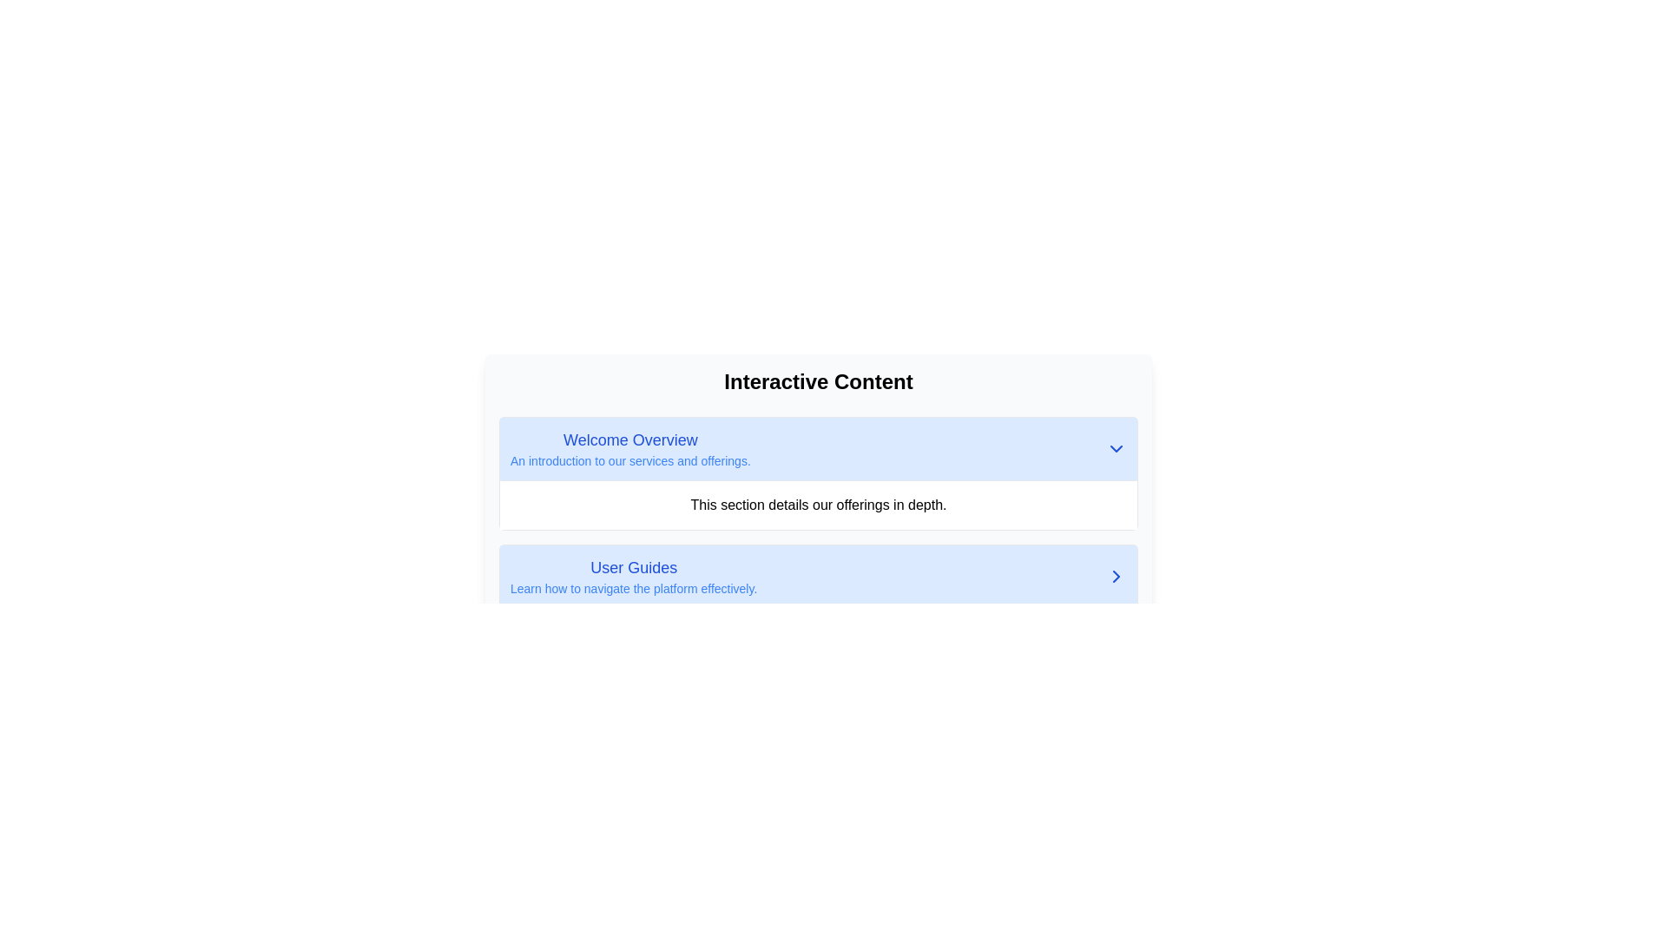 This screenshot has width=1667, height=938. I want to click on the 'User Guides' informational text element, which is located below the 'Welcome Overview' section and above a right-pointing arrow icon, so click(633, 576).